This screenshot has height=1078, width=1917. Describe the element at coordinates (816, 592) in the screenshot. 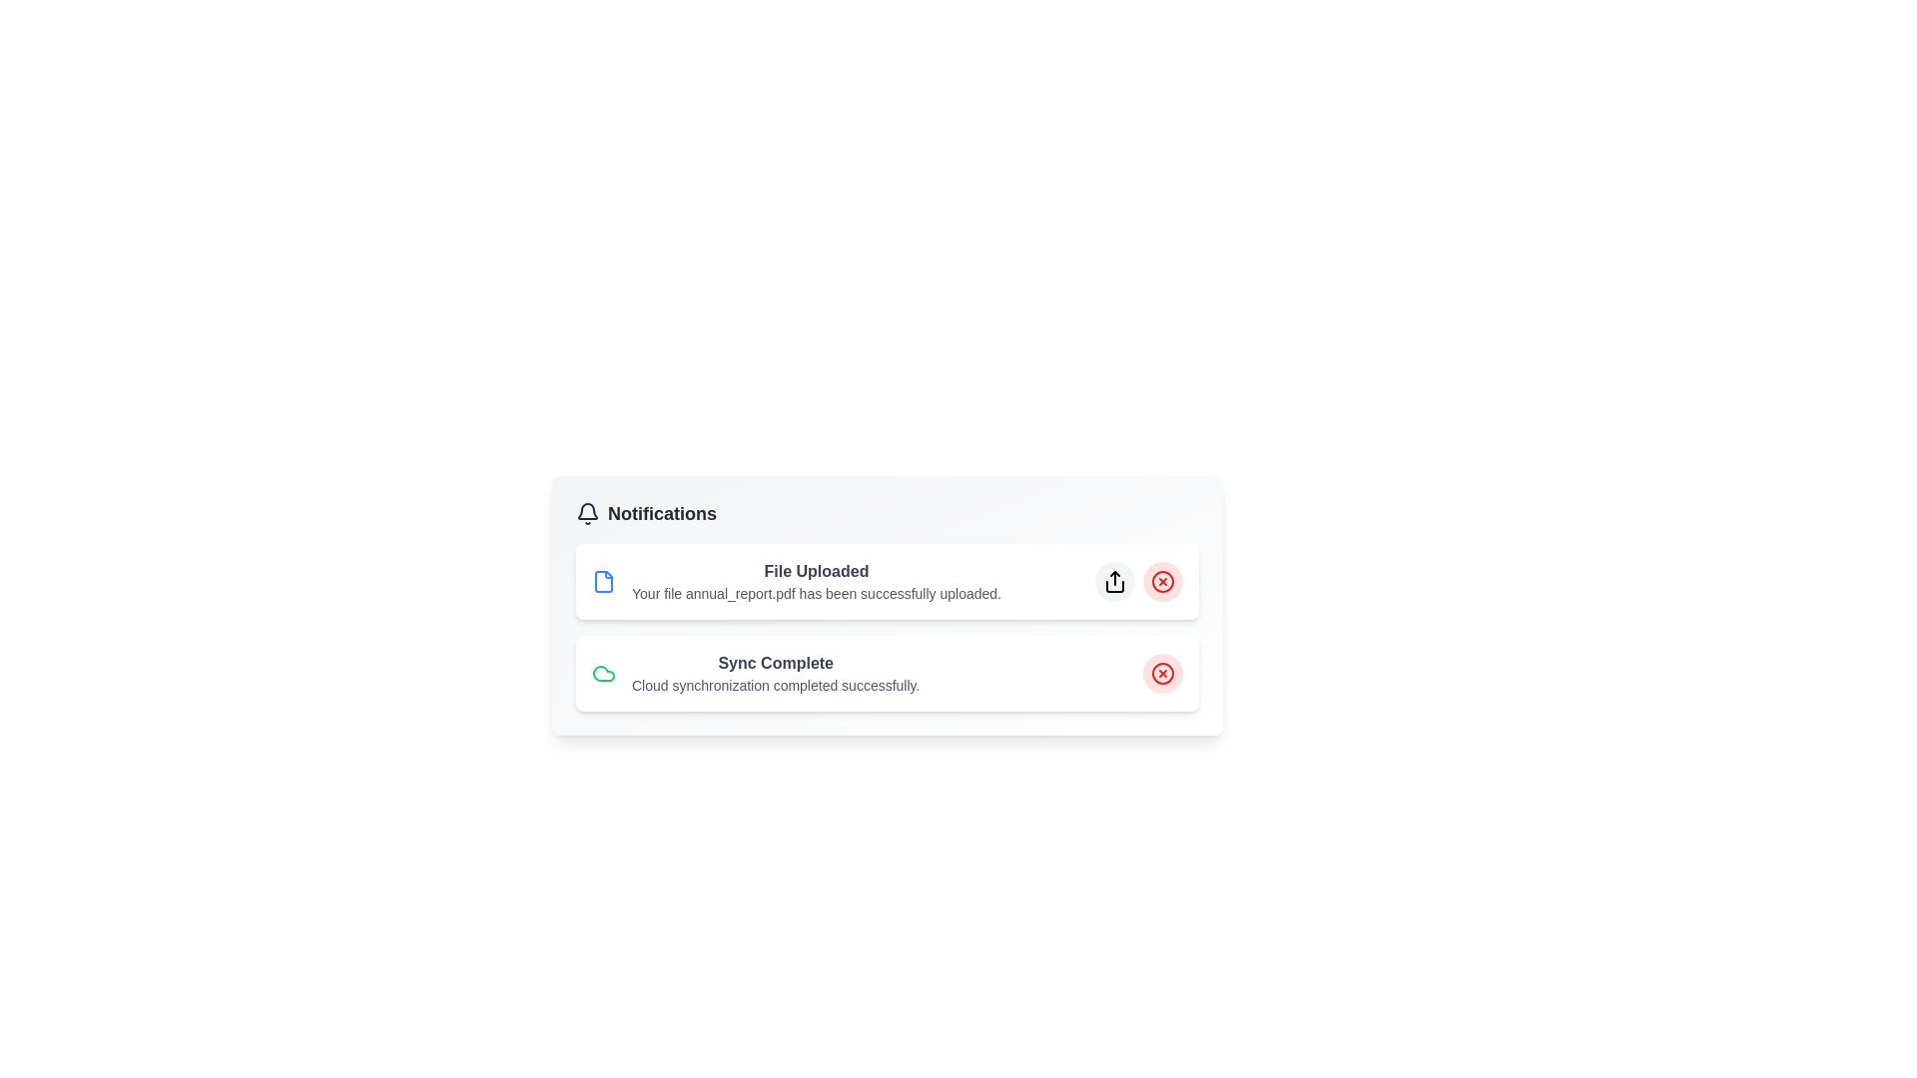

I see `the static text notification that confirms the successful upload of 'annual_report.pdf', located below the 'File Uploaded' heading in the first notification card` at that location.